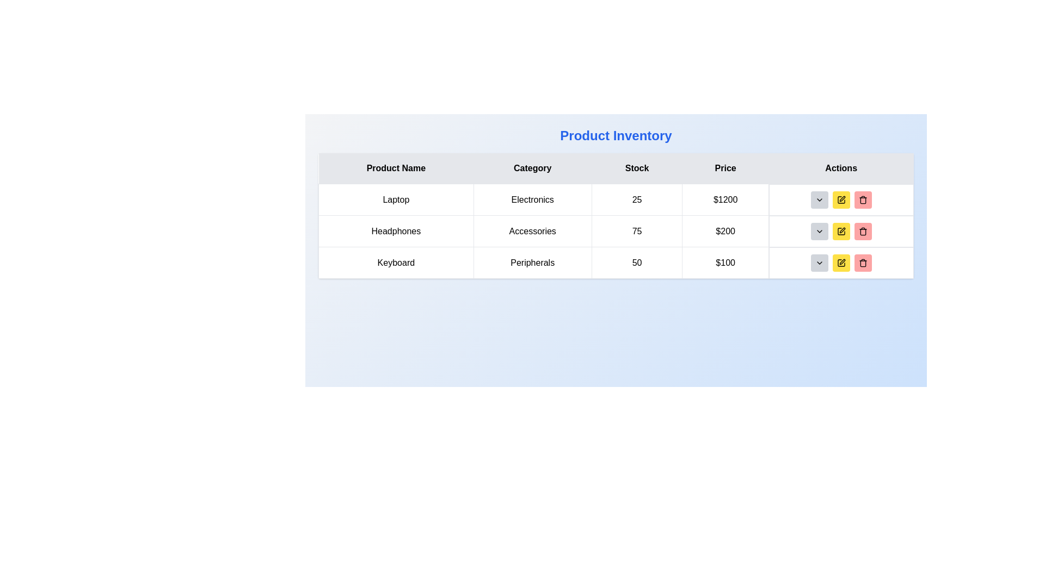  I want to click on the 'Category' label for the 'Headphones' product entry in the table, so click(532, 230).